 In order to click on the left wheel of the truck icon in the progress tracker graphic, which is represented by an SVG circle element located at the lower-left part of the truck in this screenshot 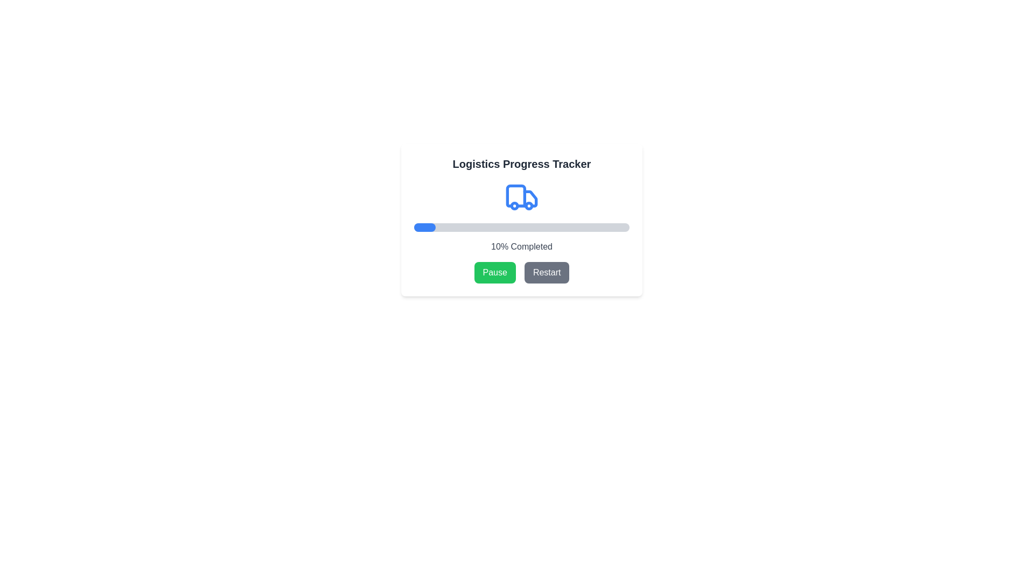, I will do `click(514, 206)`.